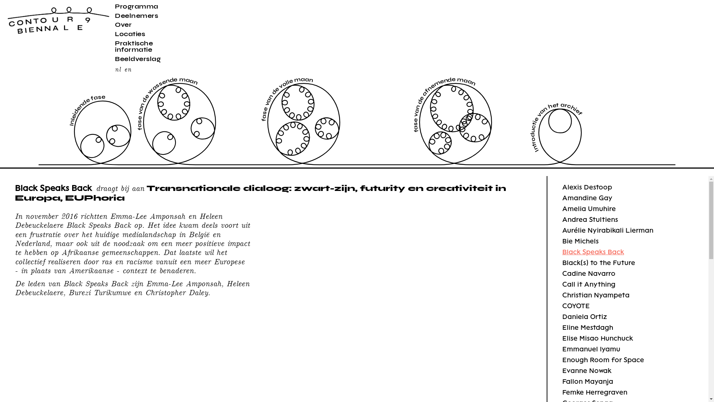 This screenshot has height=402, width=714. Describe the element at coordinates (576, 306) in the screenshot. I see `'COYOTE'` at that location.